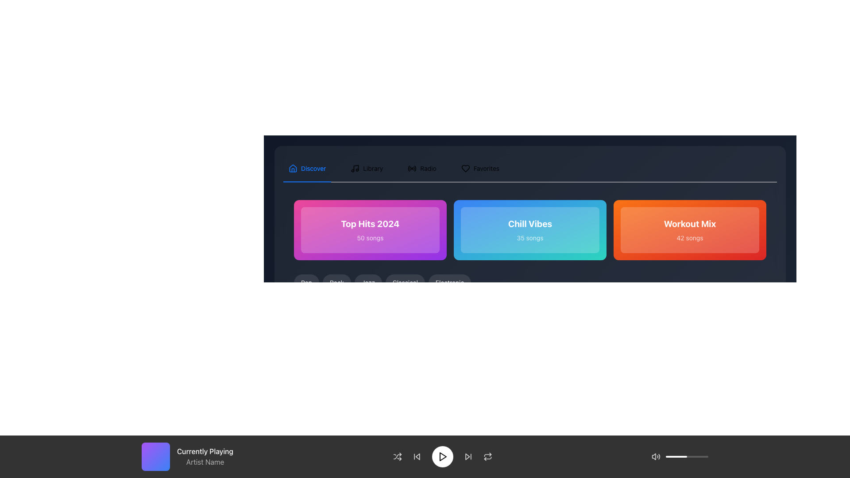  Describe the element at coordinates (530, 283) in the screenshot. I see `the genre selector button positioned below the section tiles 'Top Hits 2024', 'Chill Vibes', and 'Workout Mix'` at that location.